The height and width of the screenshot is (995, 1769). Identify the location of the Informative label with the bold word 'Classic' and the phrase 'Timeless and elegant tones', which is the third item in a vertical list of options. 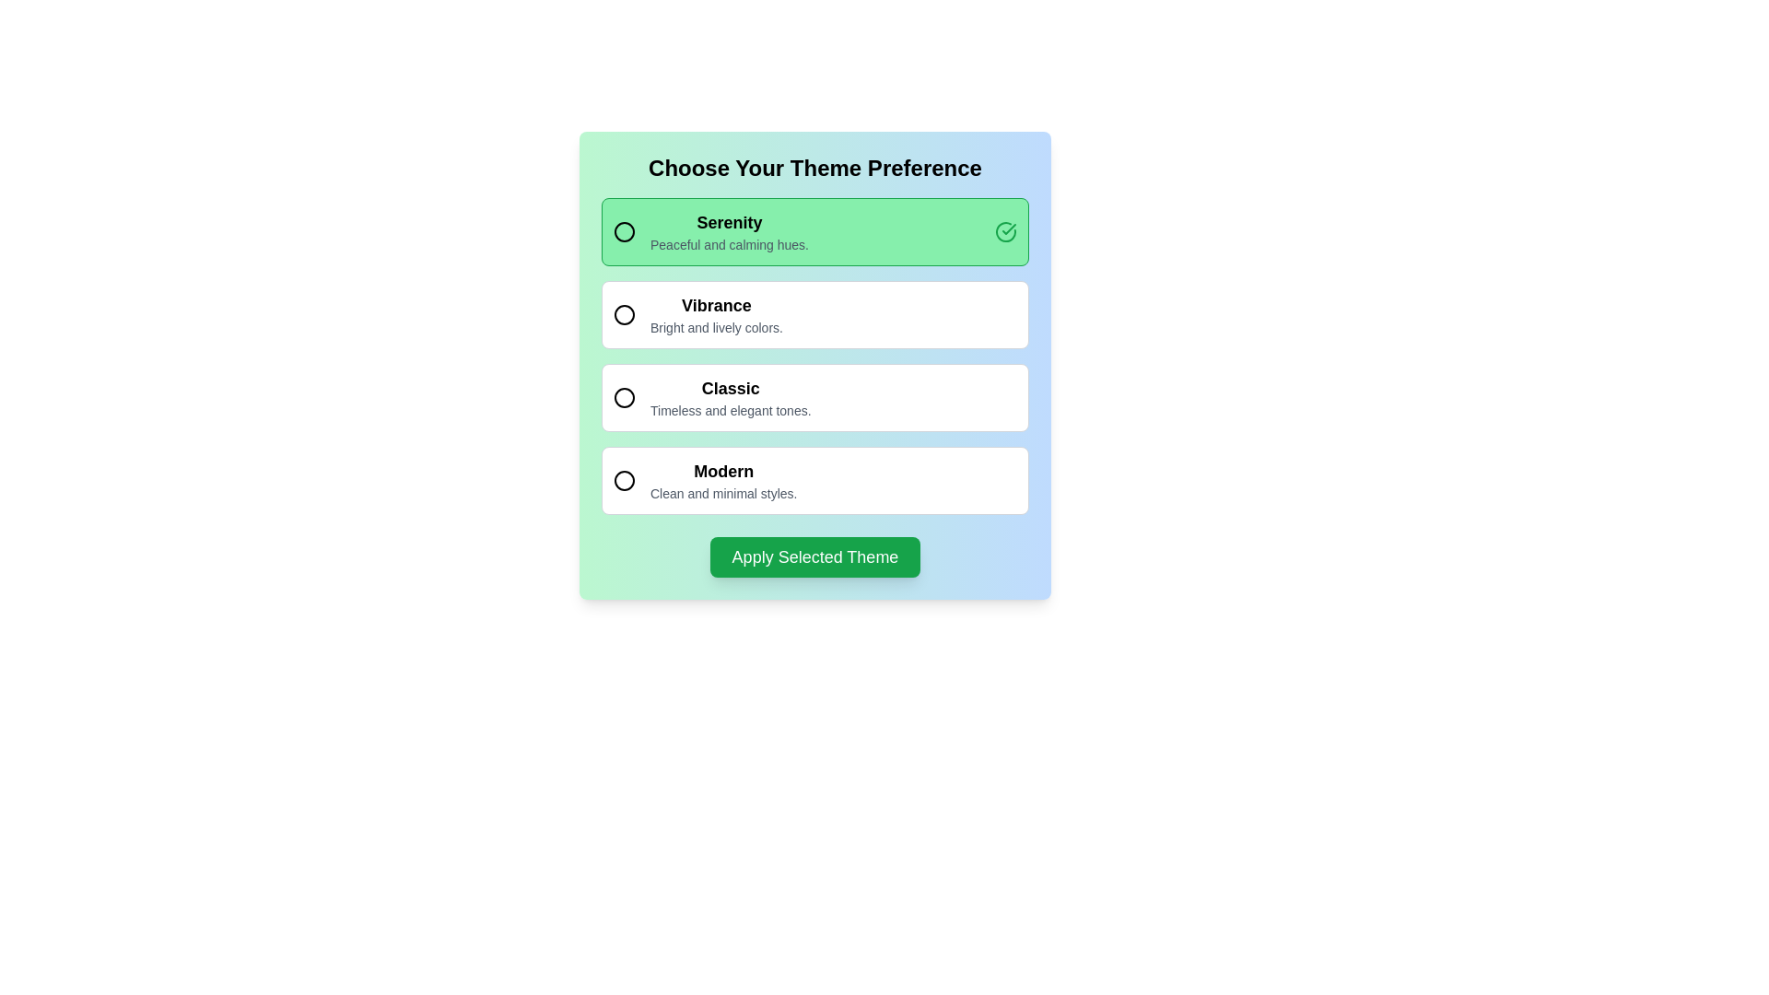
(730, 397).